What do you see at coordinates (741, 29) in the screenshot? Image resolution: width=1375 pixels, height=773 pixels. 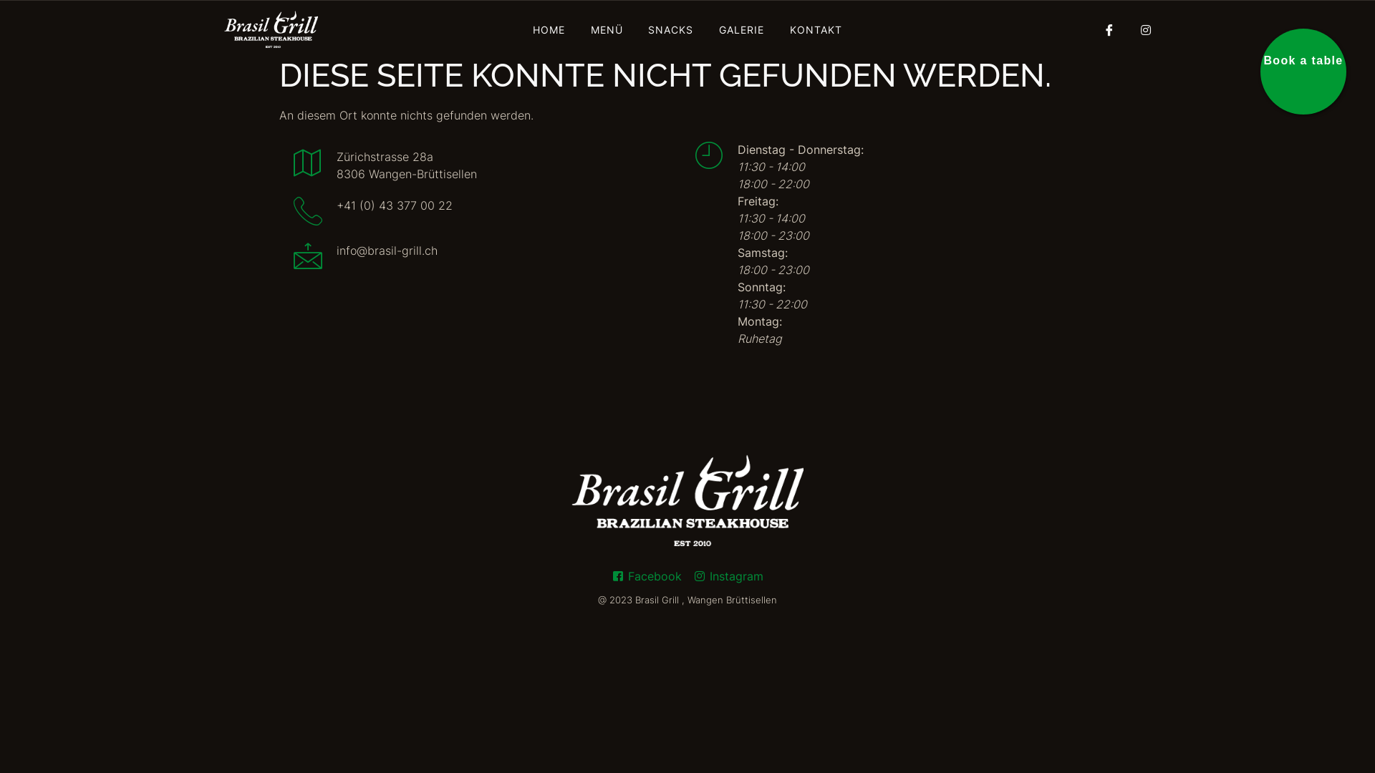 I see `'GALERIE'` at bounding box center [741, 29].